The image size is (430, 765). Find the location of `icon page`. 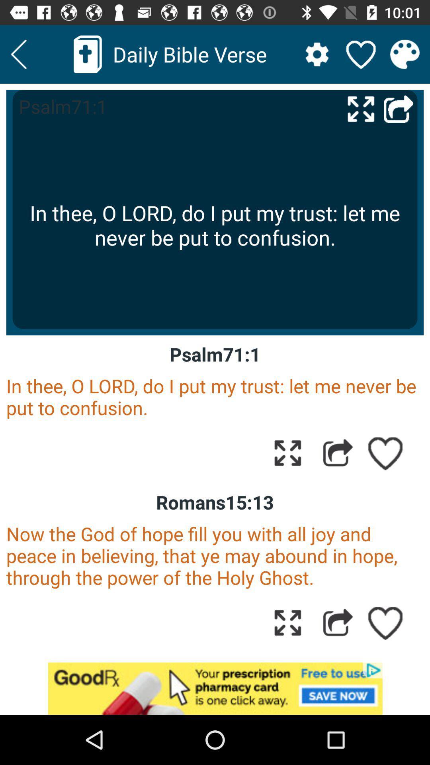

icon page is located at coordinates (287, 453).